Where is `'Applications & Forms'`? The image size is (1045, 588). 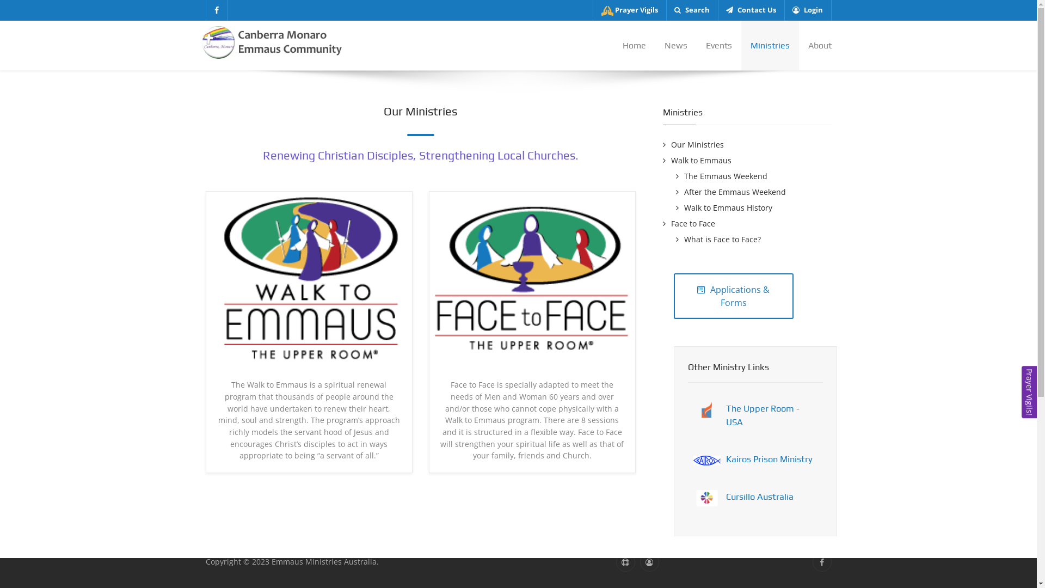 'Applications & Forms' is located at coordinates (734, 296).